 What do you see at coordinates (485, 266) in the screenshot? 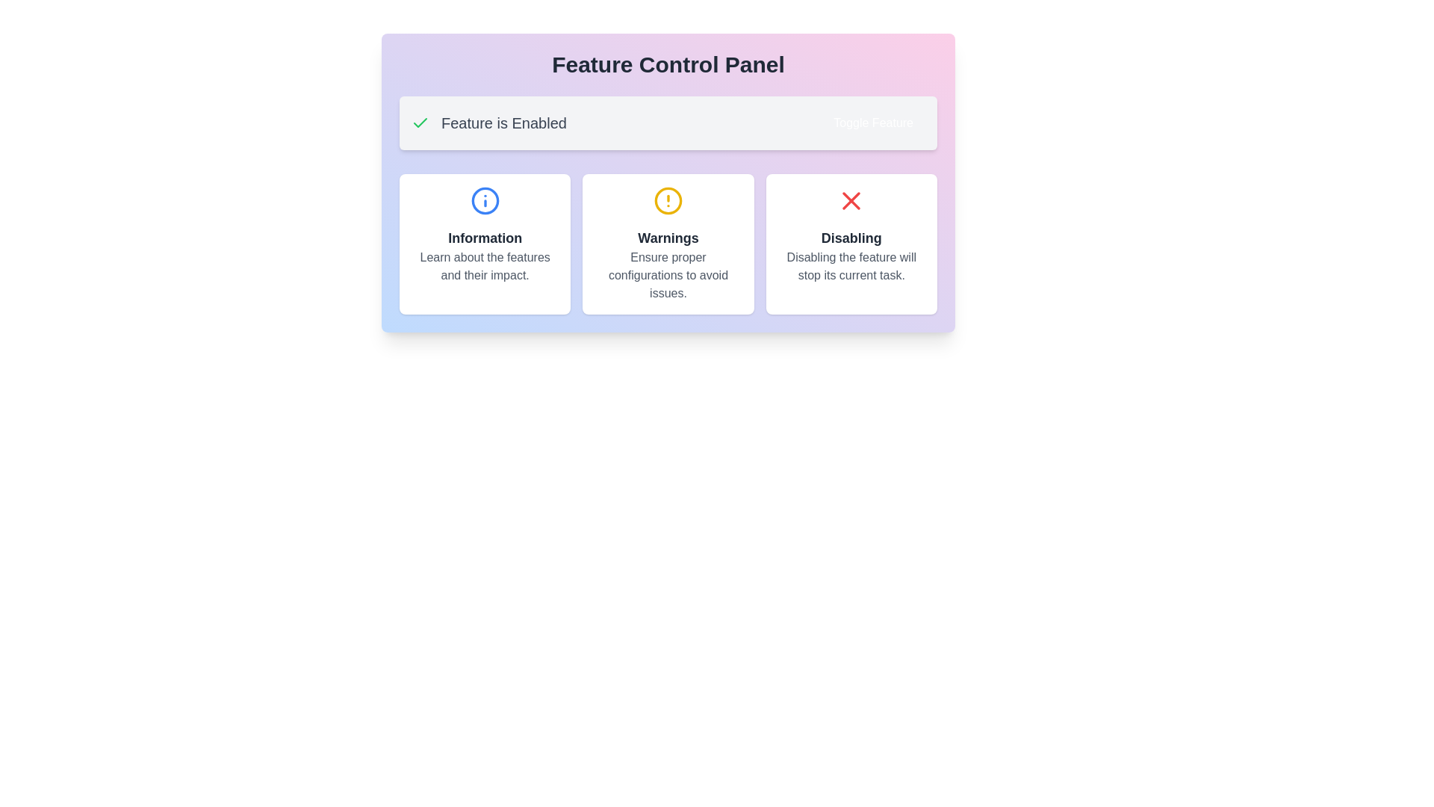
I see `the informative text label located at the bottom of the 'Information' section of the Feature Control Panel interface, which provides a brief explanation about the features discussed` at bounding box center [485, 266].